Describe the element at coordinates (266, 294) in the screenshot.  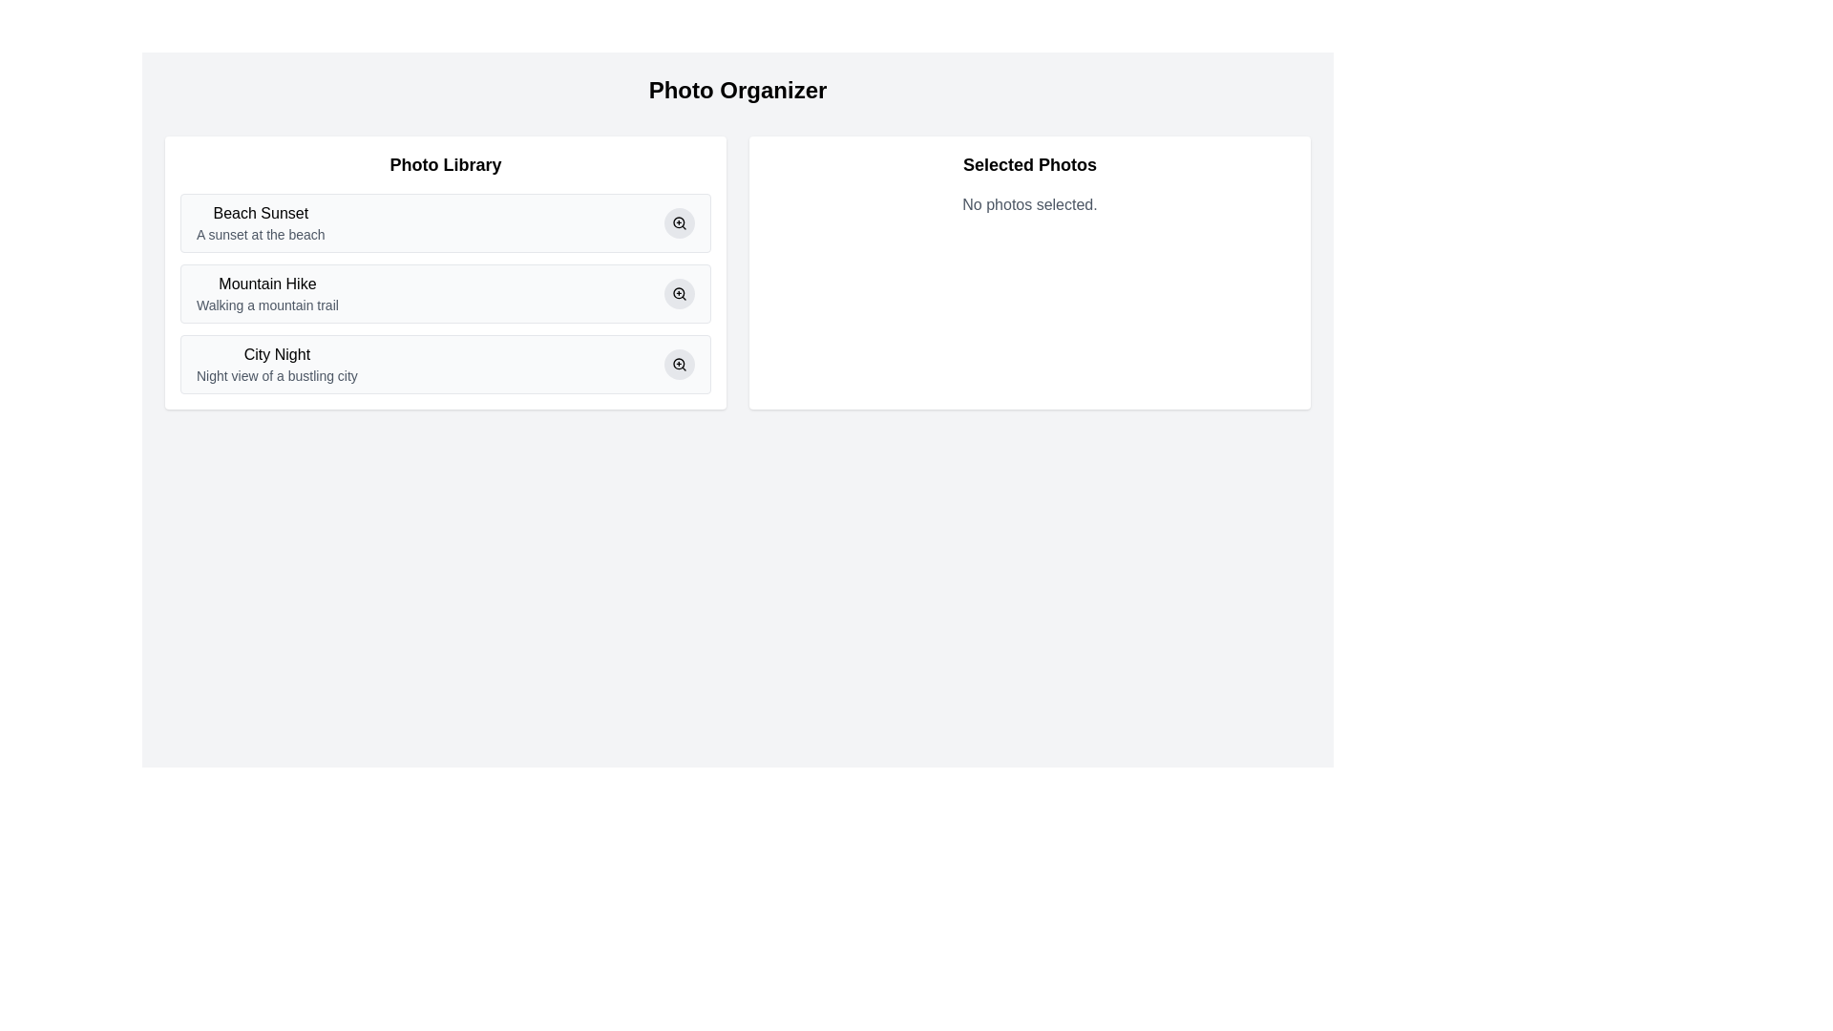
I see `on the text element titled 'Mountain Hike' located in the left-hand panel 'Photo Library'` at that location.